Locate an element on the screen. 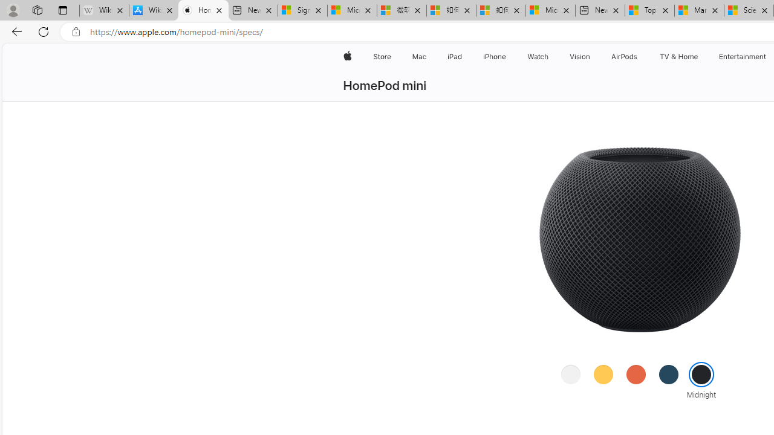 This screenshot has width=774, height=435. 'Mac' is located at coordinates (419, 56).